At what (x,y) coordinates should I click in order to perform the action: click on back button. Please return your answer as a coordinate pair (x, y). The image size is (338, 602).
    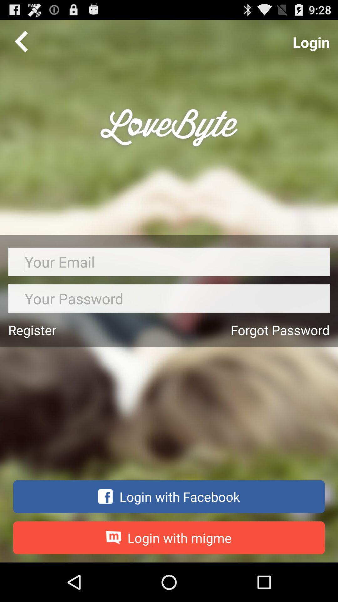
    Looking at the image, I should click on (21, 41).